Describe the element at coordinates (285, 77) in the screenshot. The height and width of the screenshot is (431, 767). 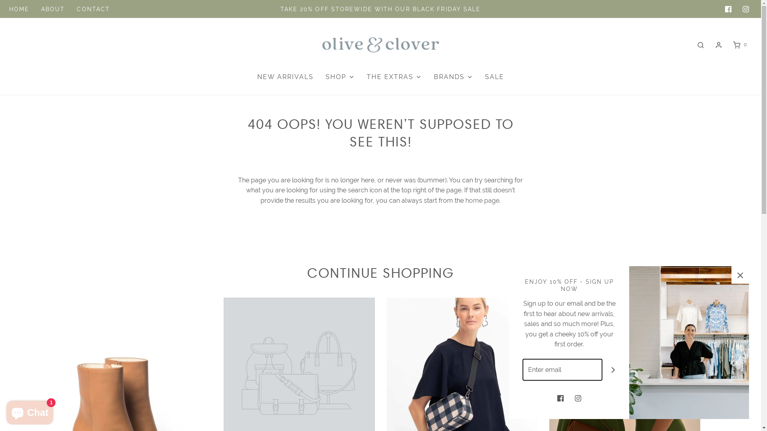
I see `'NEW ARRIVALS'` at that location.